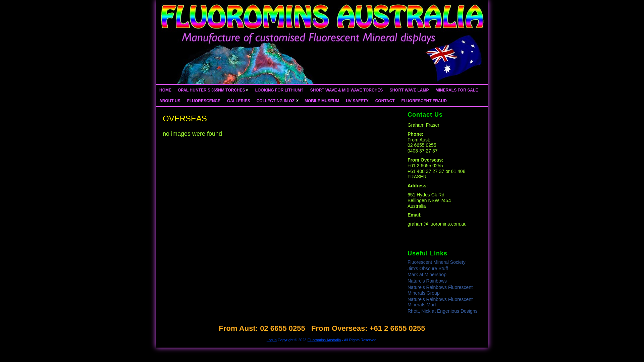  I want to click on 'Rhett, Nick at Engenious Designs', so click(407, 311).